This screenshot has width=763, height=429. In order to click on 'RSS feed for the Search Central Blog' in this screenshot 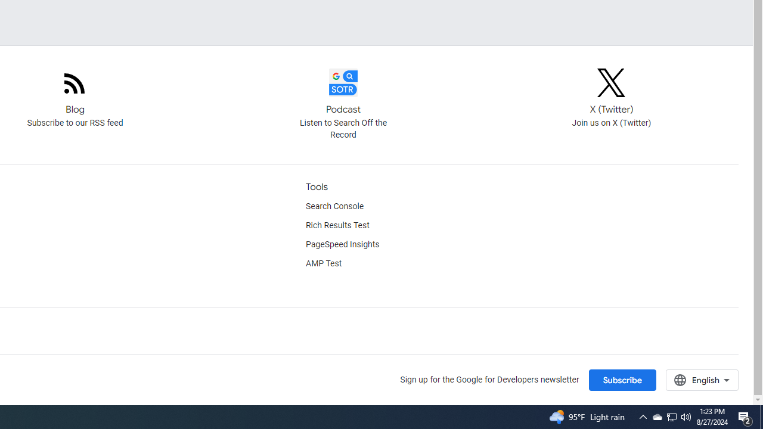, I will do `click(74, 92)`.